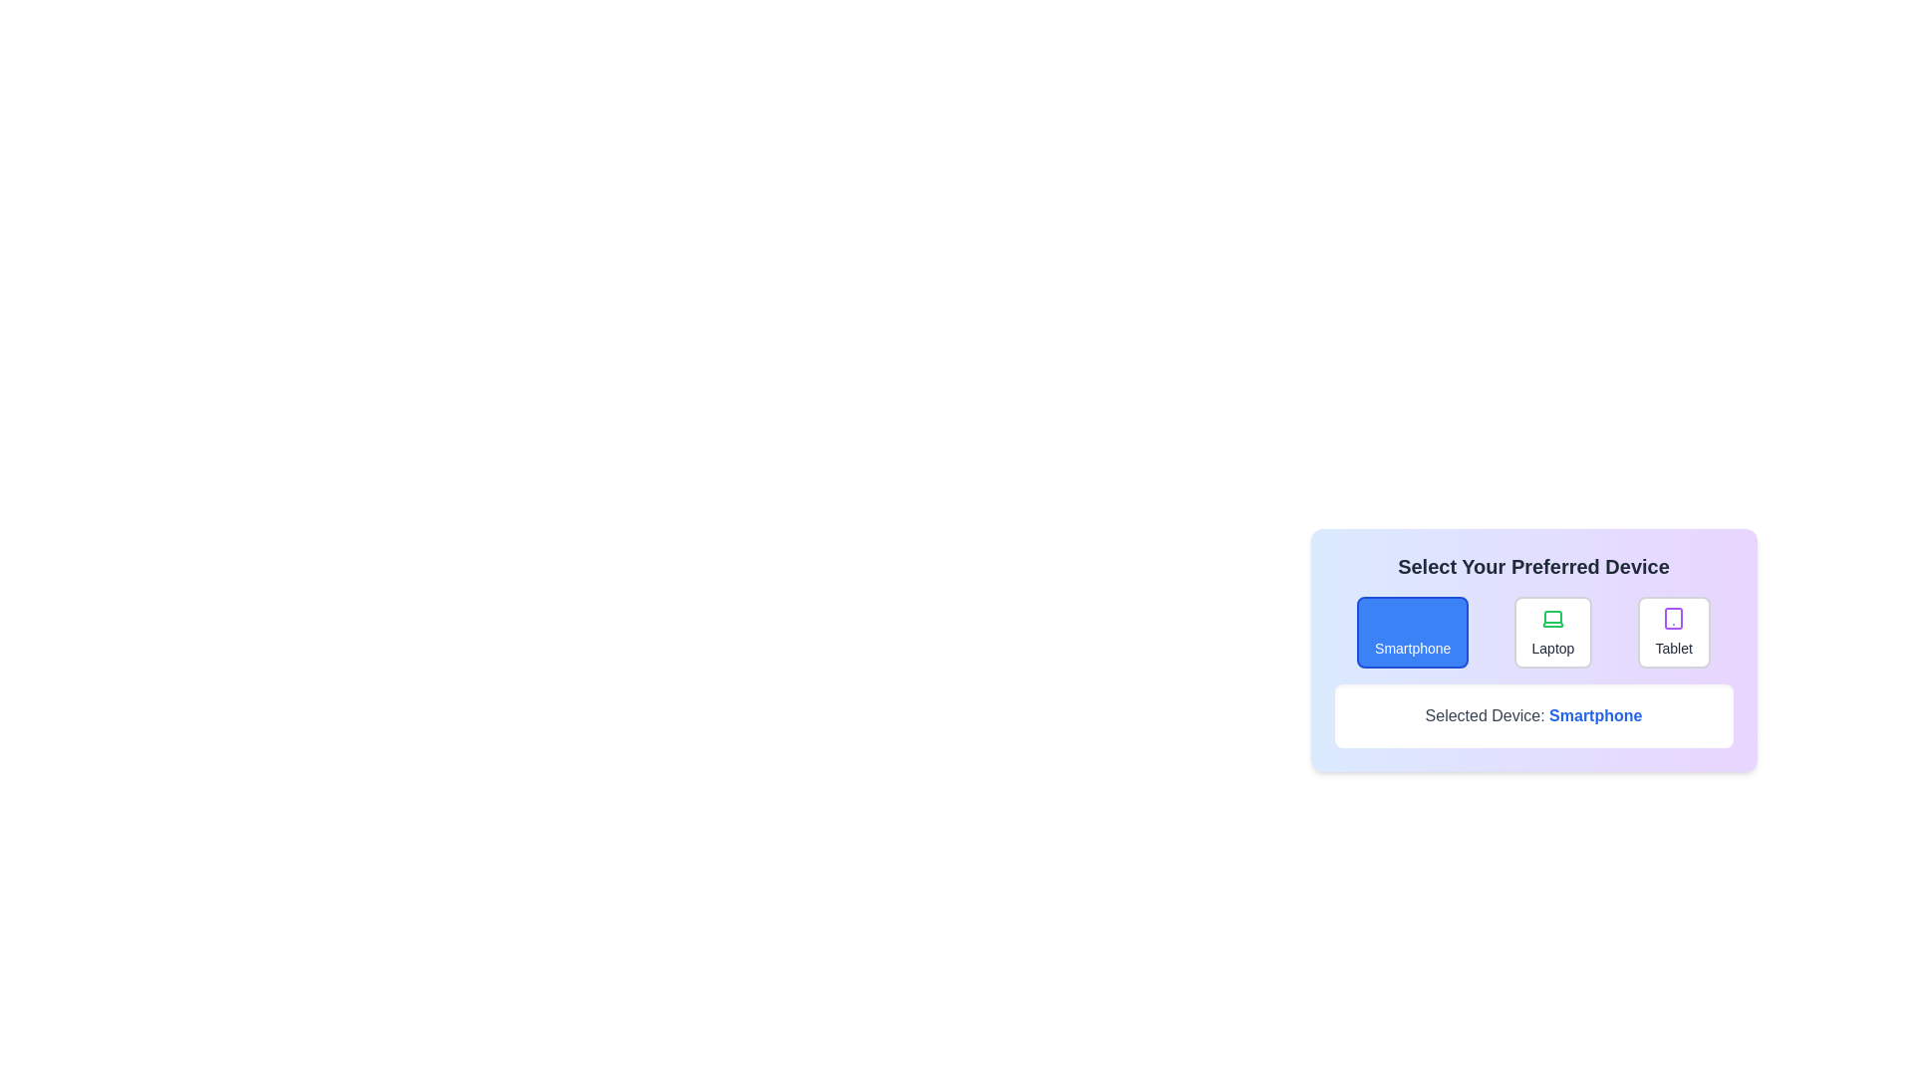 The width and height of the screenshot is (1913, 1076). I want to click on text of the label displaying 'Laptop', which is a small black sans-serif font label positioned below the laptop icon and centrally aligned in the device selection options, so click(1552, 649).